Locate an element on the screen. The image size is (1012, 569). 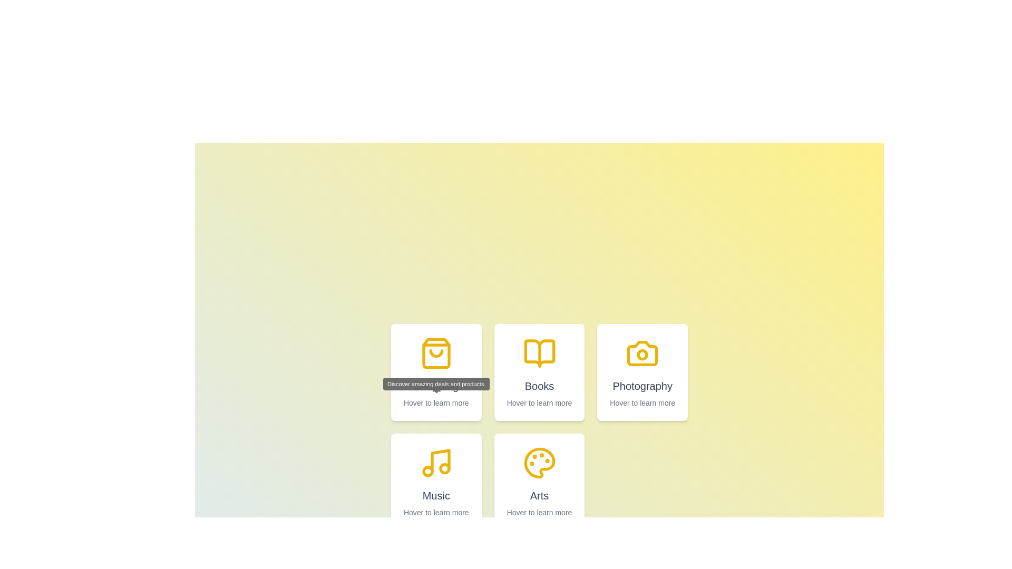
the grid containing informational cards is located at coordinates (539, 427).